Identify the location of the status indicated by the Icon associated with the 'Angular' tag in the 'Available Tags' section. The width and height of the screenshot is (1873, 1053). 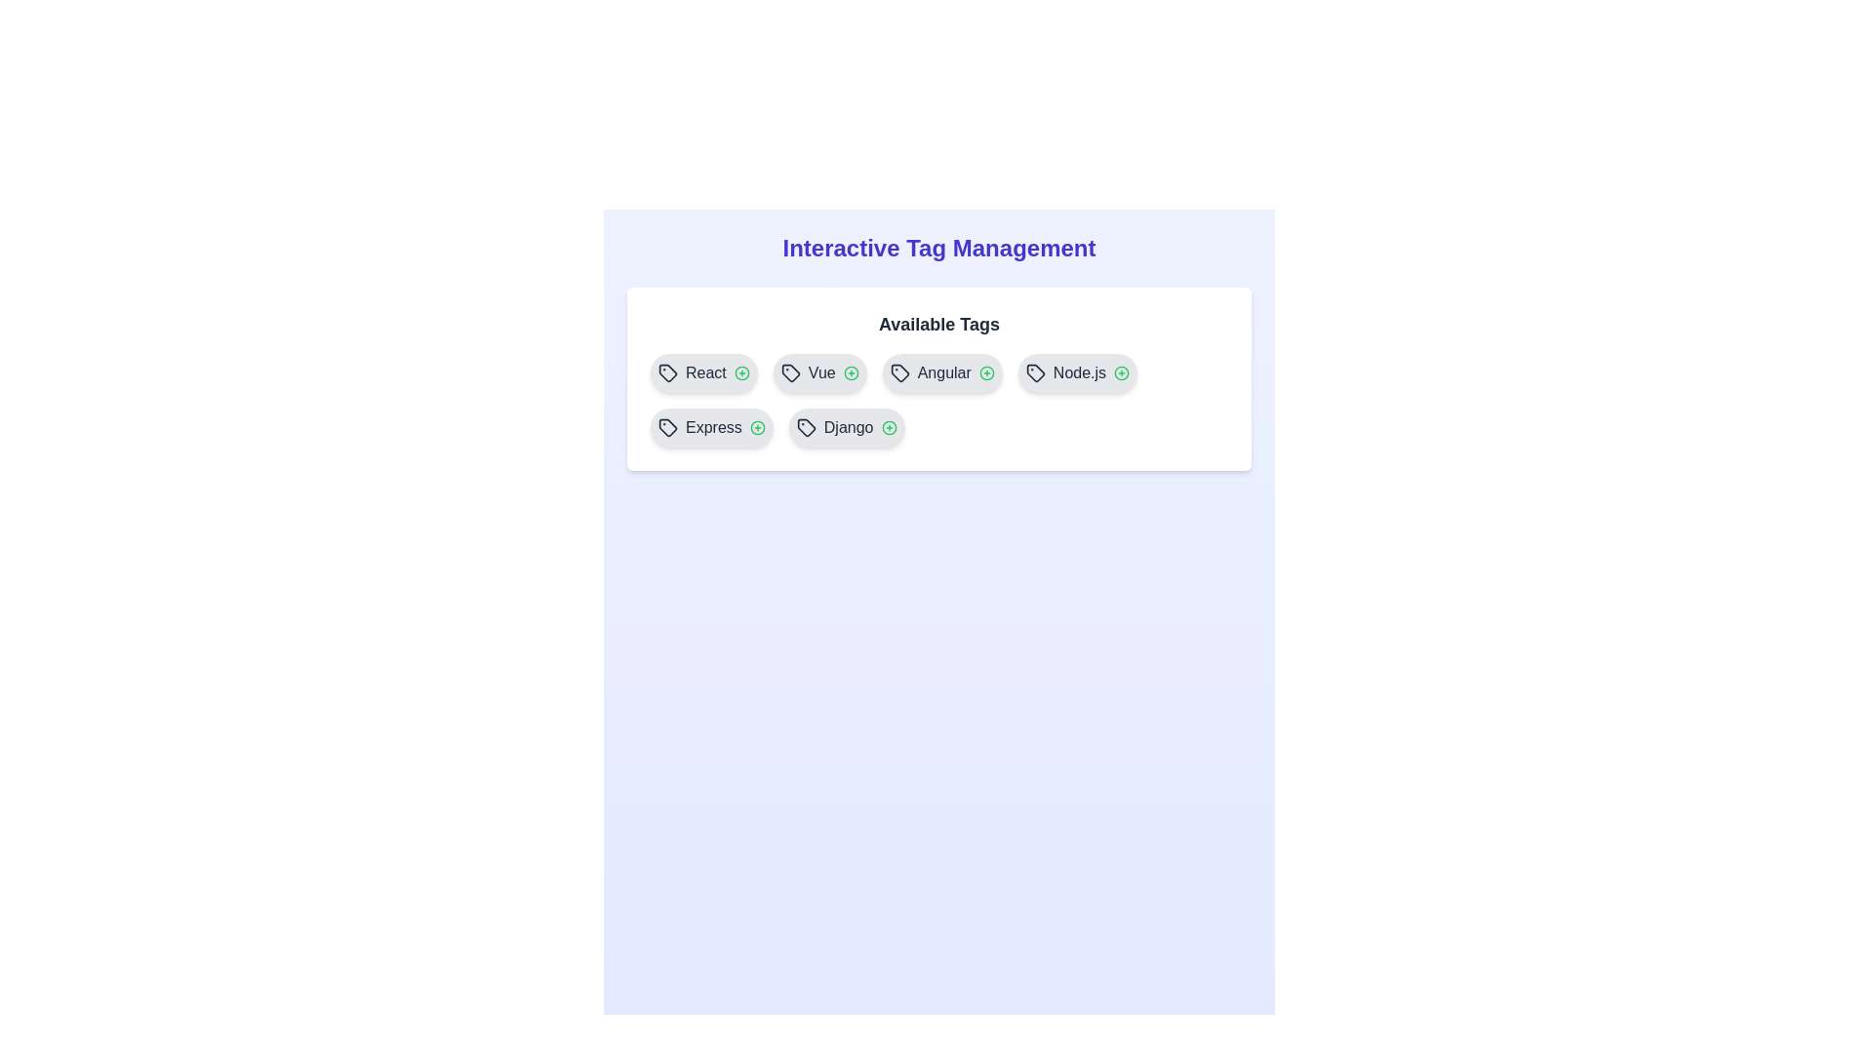
(986, 372).